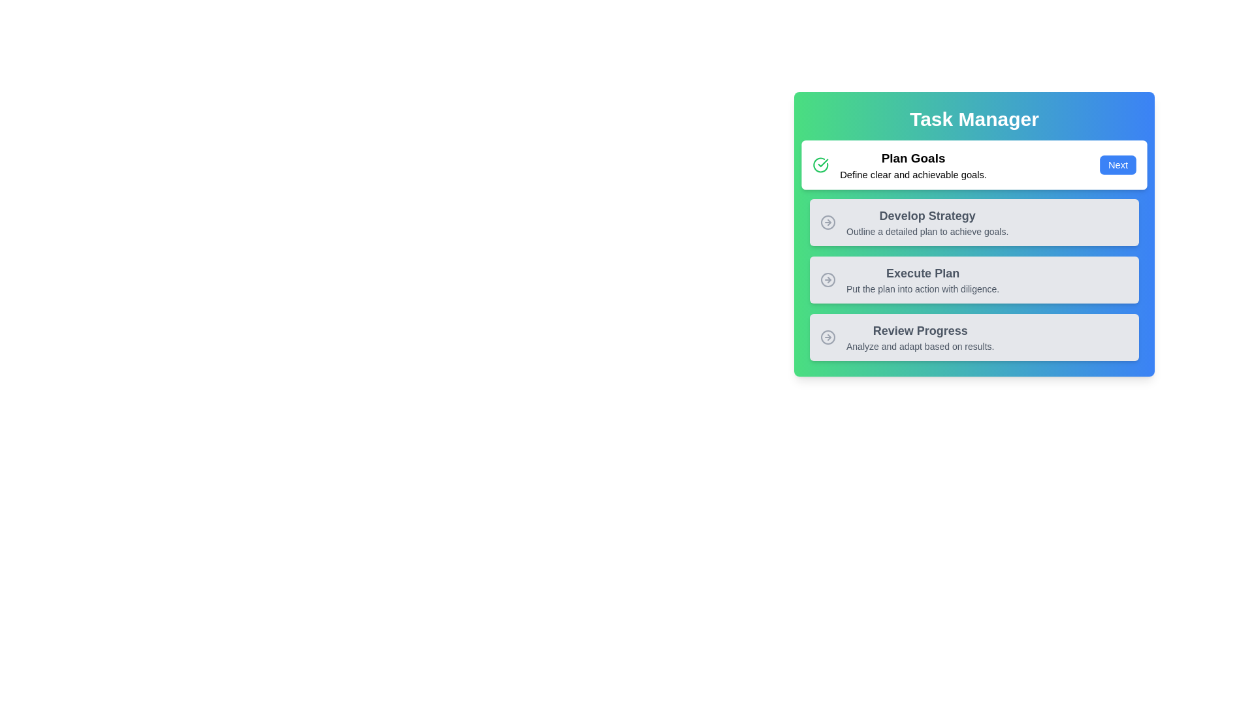 The image size is (1254, 705). What do you see at coordinates (974, 221) in the screenshot?
I see `the task management list item titled 'Develop Strategy', which is the second item in the list below 'Plan Goals' and above 'Execute Plan'` at bounding box center [974, 221].